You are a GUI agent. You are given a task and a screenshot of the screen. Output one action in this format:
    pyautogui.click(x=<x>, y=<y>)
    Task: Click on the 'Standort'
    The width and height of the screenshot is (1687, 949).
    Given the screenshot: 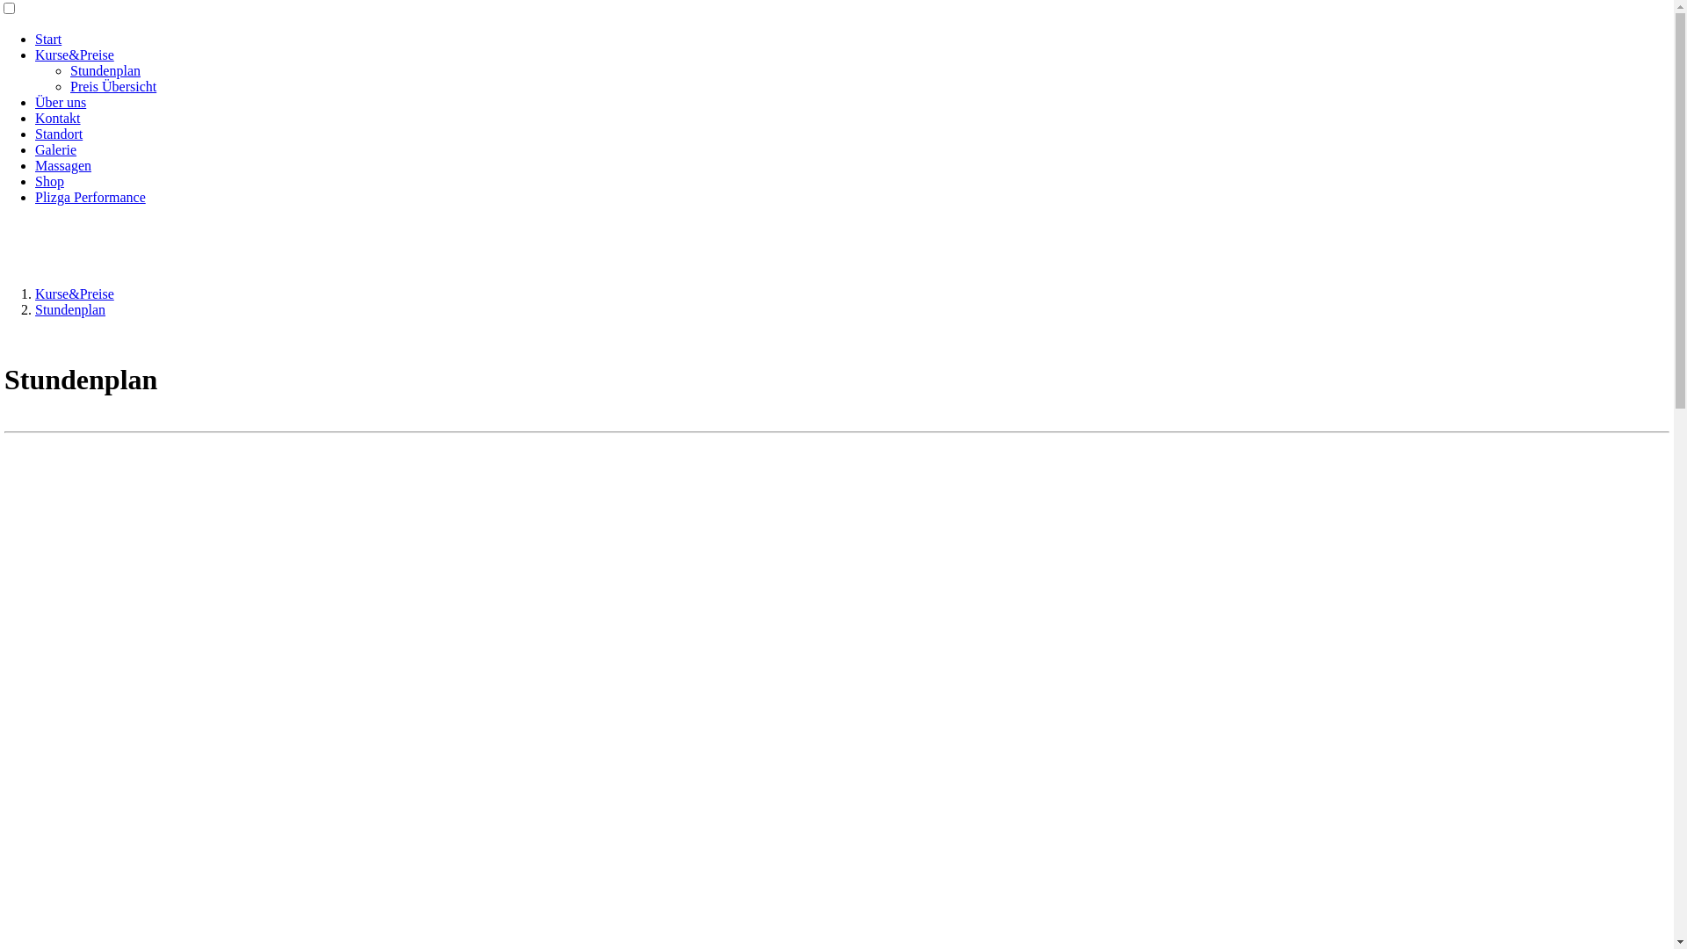 What is the action you would take?
    pyautogui.click(x=34, y=133)
    